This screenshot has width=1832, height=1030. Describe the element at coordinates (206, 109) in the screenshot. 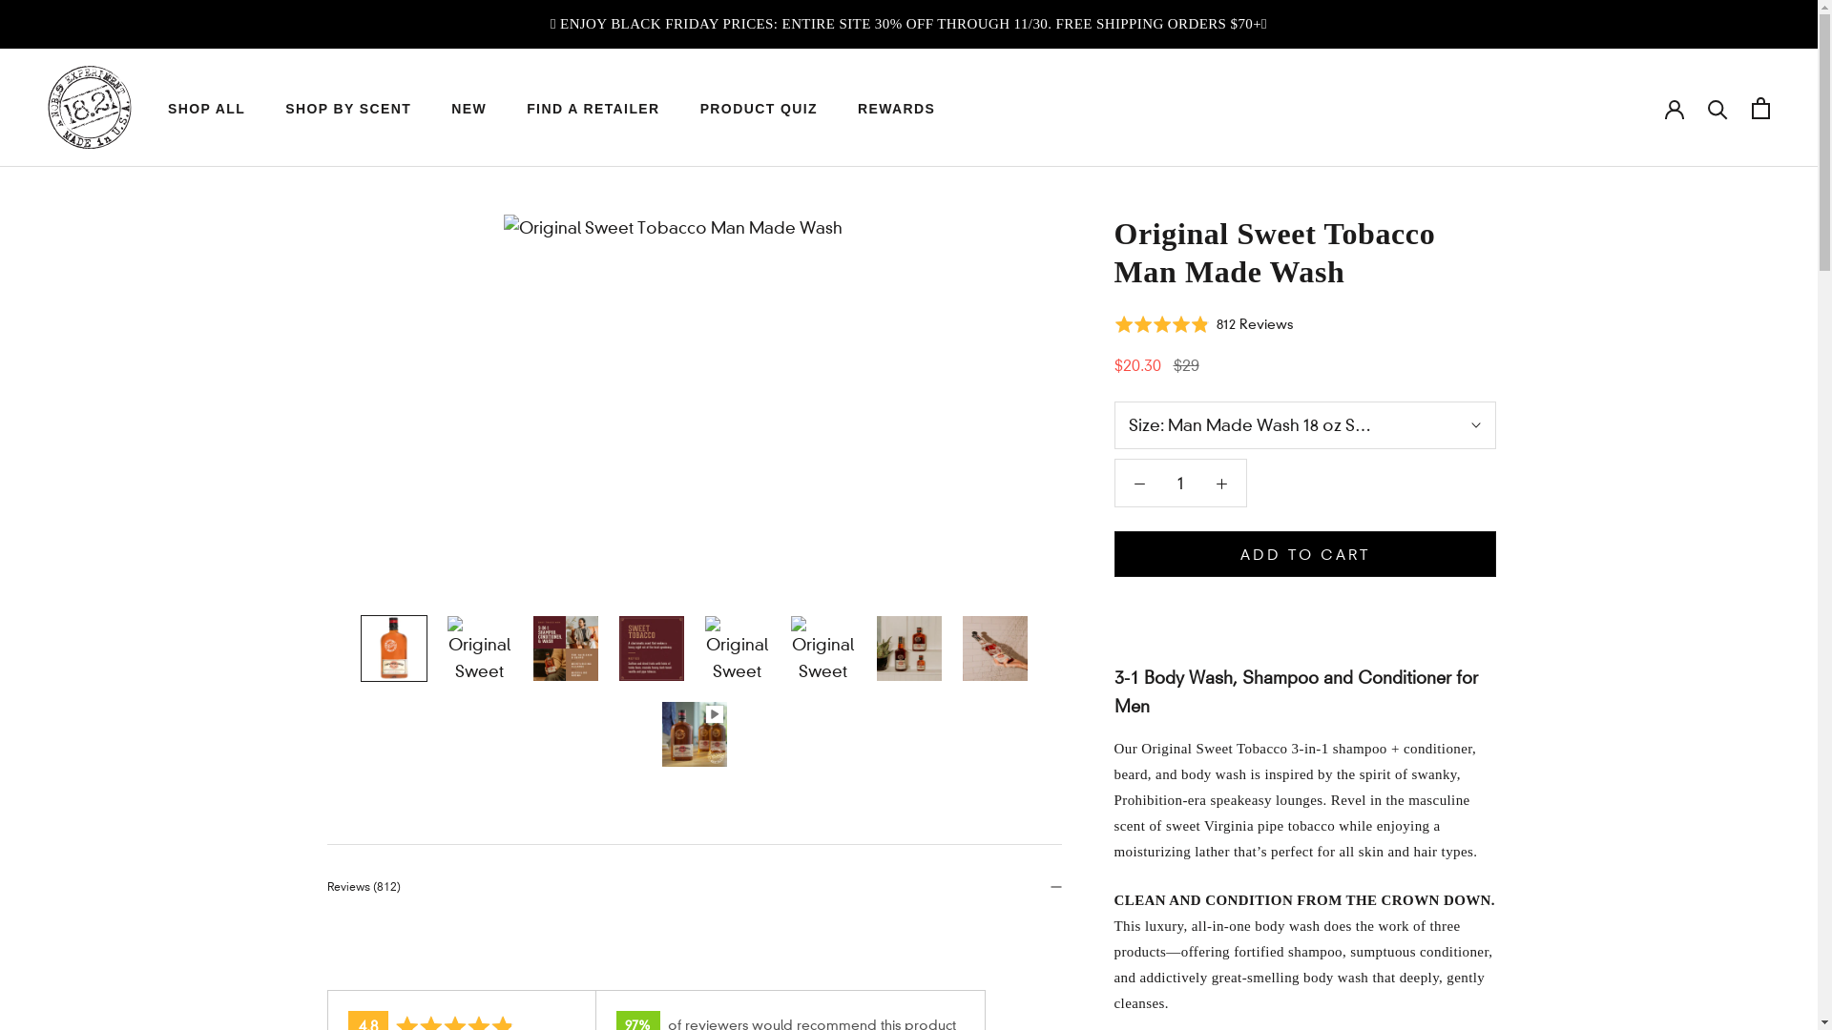

I see `'SHOP ALL'` at that location.